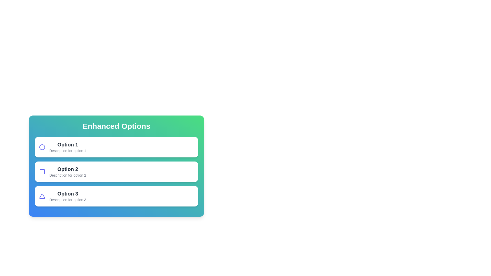 The height and width of the screenshot is (276, 491). I want to click on the small red square icon located next to the 'Option 2' button in the vertical list of options, so click(42, 171).